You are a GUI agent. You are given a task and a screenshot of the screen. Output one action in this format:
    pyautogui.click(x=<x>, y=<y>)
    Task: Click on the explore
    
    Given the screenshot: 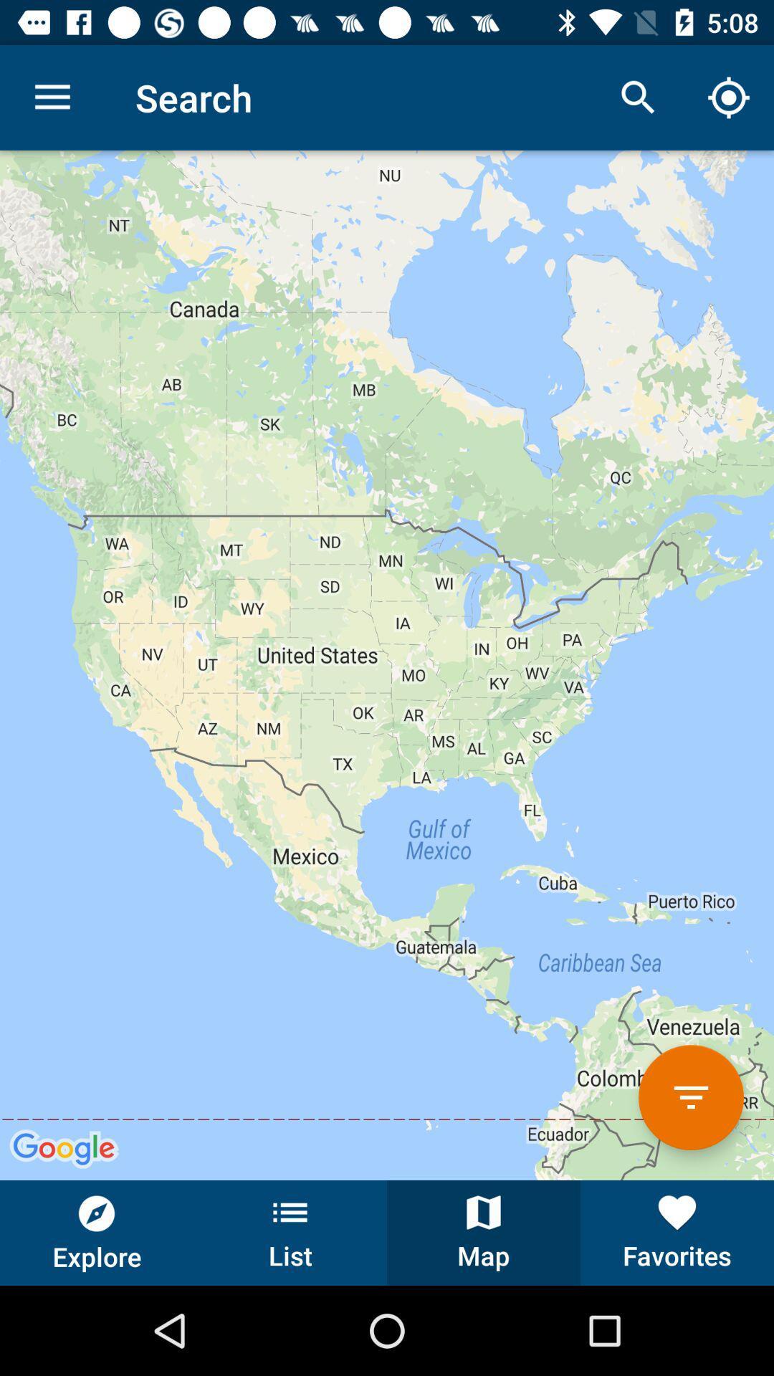 What is the action you would take?
    pyautogui.click(x=97, y=1232)
    